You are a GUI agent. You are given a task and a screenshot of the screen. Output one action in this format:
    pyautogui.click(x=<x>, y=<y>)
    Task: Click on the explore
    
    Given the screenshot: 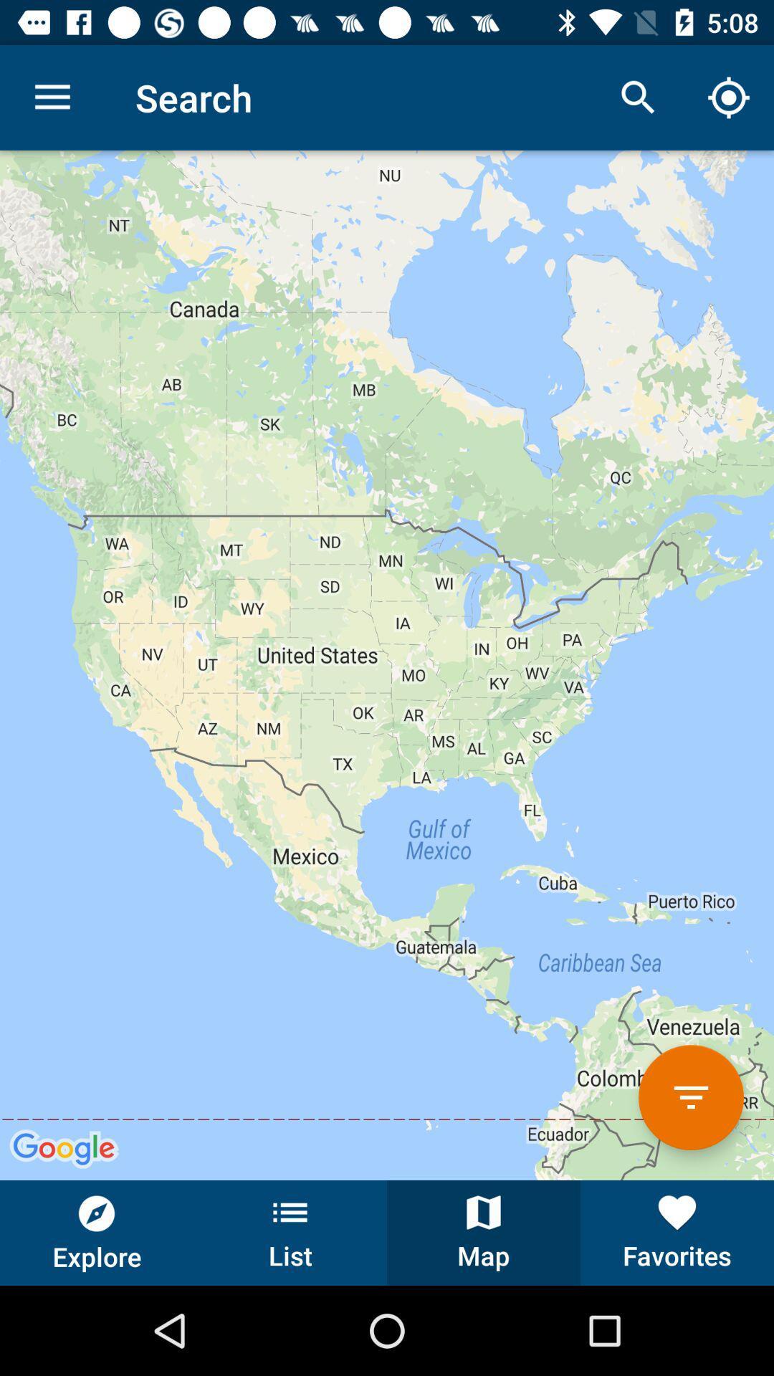 What is the action you would take?
    pyautogui.click(x=97, y=1232)
    